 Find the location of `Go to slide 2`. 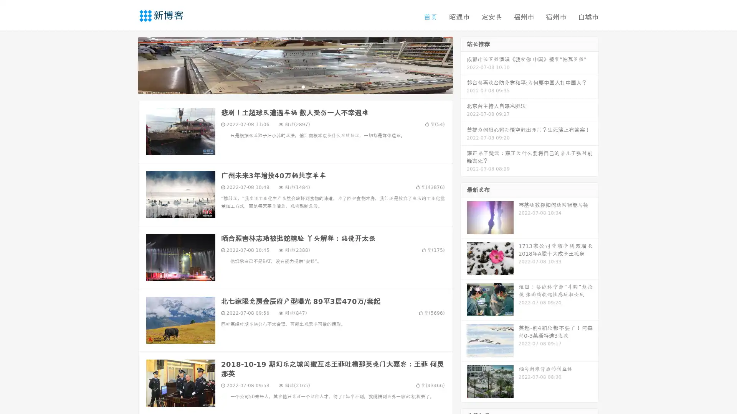

Go to slide 2 is located at coordinates (295, 86).